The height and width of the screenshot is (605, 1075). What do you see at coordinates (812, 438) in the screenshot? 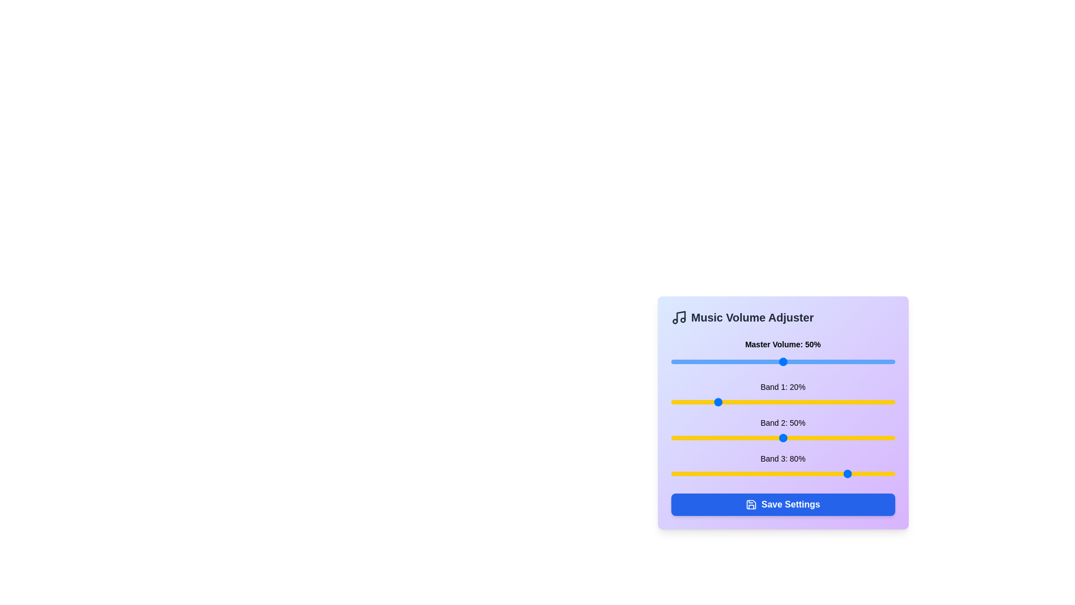
I see `'Band 2' value` at bounding box center [812, 438].